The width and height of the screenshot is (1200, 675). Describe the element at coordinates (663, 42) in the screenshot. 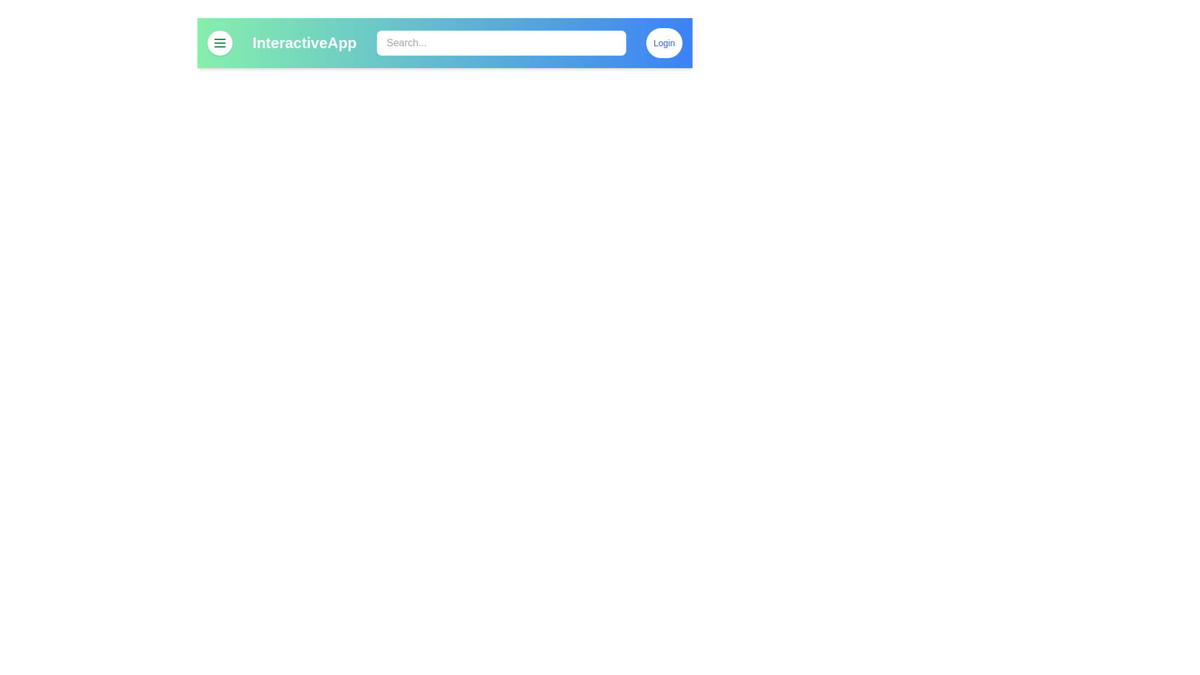

I see `the Login button to initiate the login functionality` at that location.